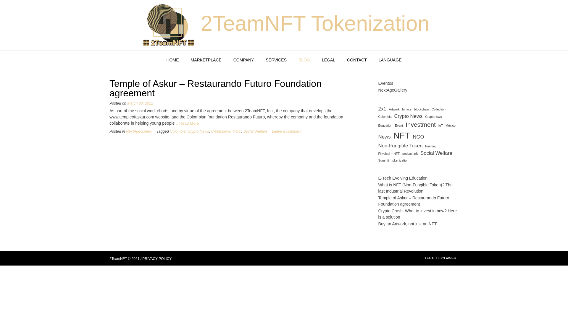 The image size is (568, 319). Describe the element at coordinates (410, 153) in the screenshot. I see `'podcast nft'` at that location.